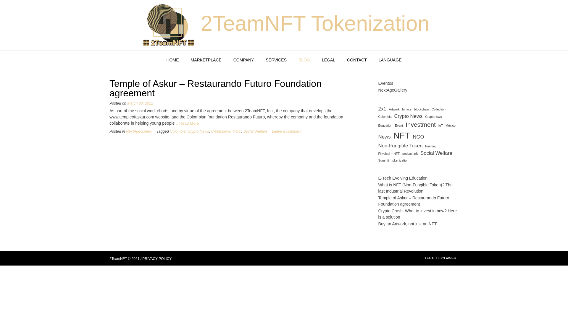 The image size is (568, 319). Describe the element at coordinates (410, 153) in the screenshot. I see `'podcast nft'` at that location.